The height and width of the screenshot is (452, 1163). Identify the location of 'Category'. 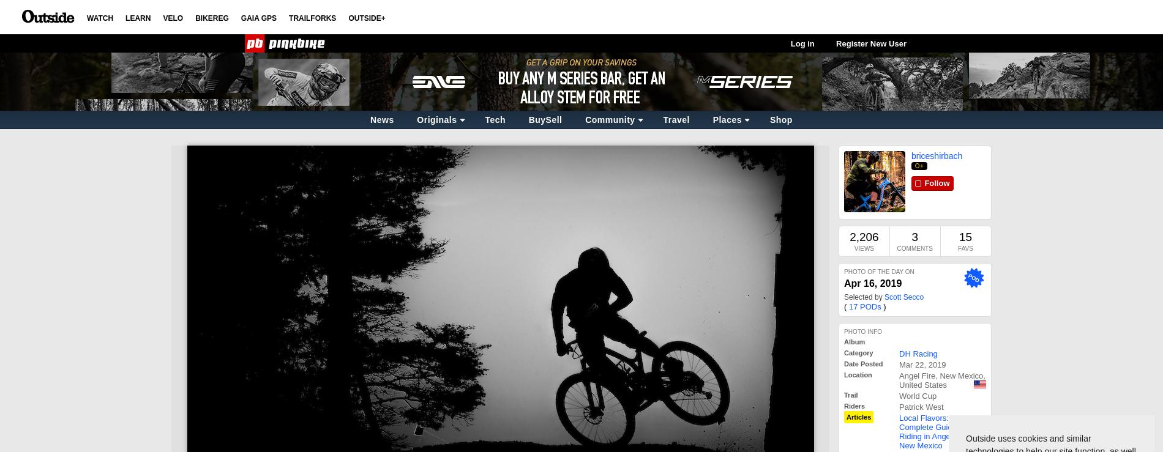
(858, 353).